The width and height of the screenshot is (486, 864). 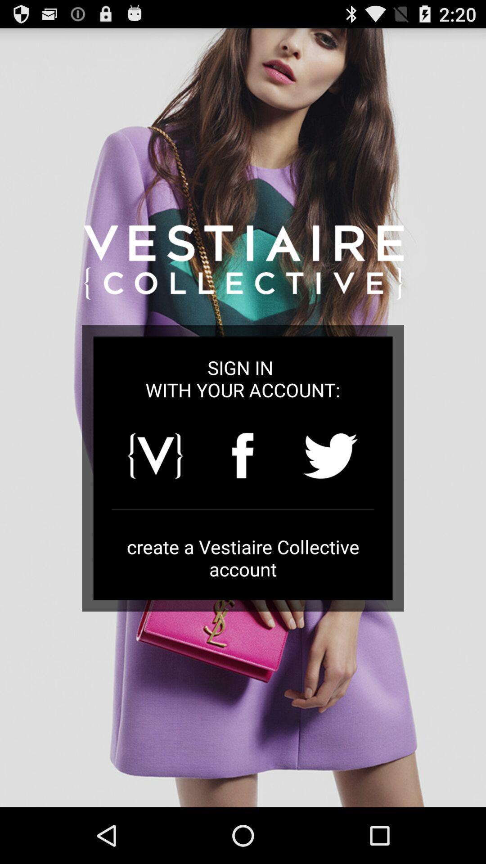 What do you see at coordinates (242, 487) in the screenshot?
I see `the facebook icon` at bounding box center [242, 487].